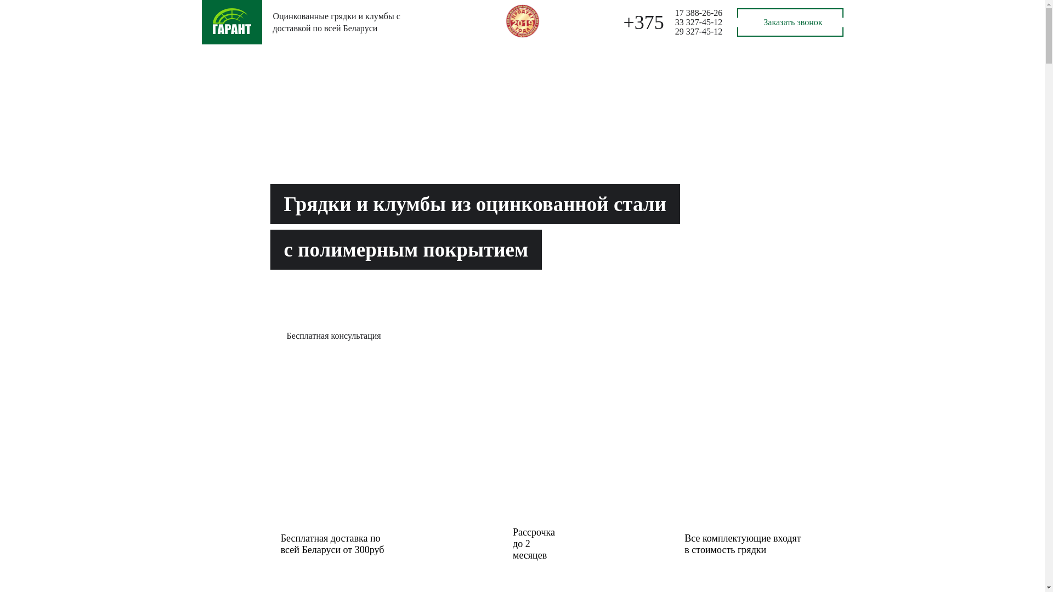 Image resolution: width=1053 pixels, height=592 pixels. What do you see at coordinates (698, 22) in the screenshot?
I see `'33 327-45-12'` at bounding box center [698, 22].